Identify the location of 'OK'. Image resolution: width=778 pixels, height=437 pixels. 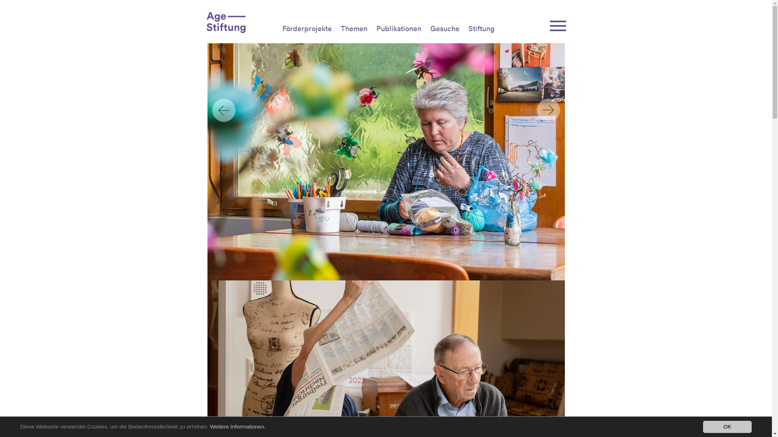
(727, 426).